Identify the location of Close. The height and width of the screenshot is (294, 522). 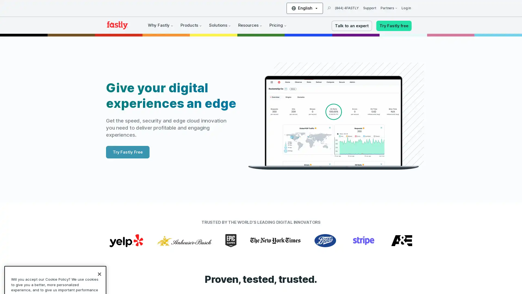
(99, 220).